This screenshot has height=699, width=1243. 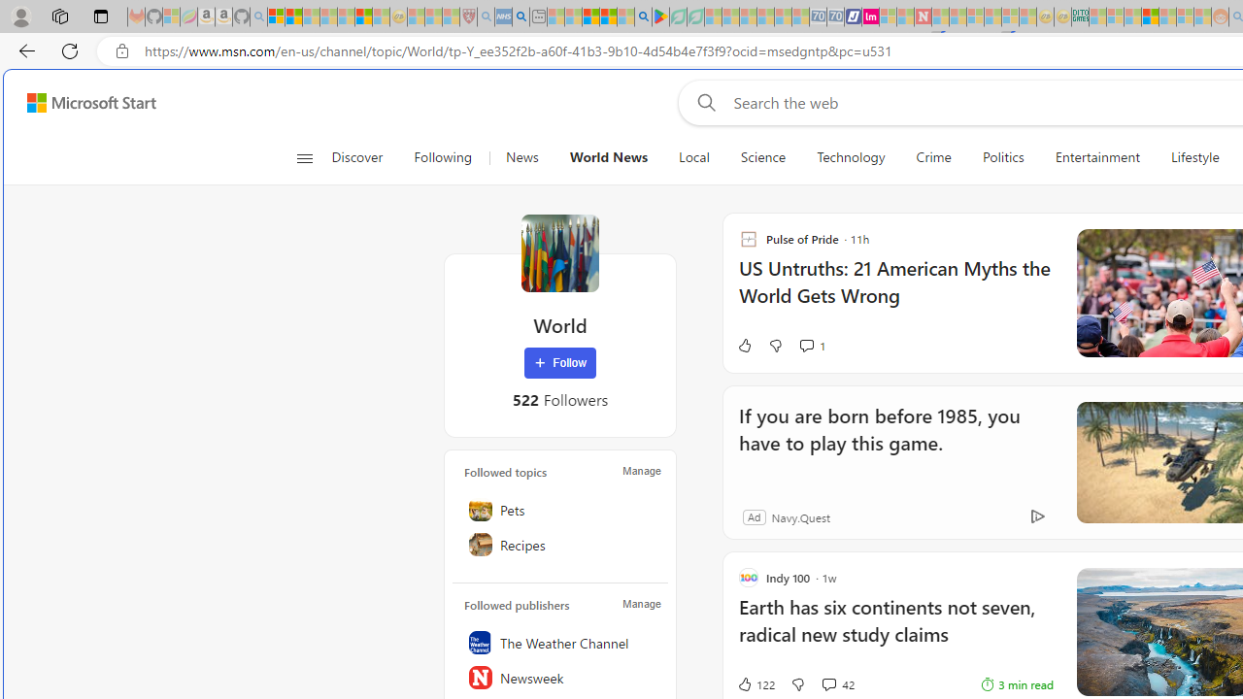 What do you see at coordinates (559, 677) in the screenshot?
I see `'Newsweek'` at bounding box center [559, 677].